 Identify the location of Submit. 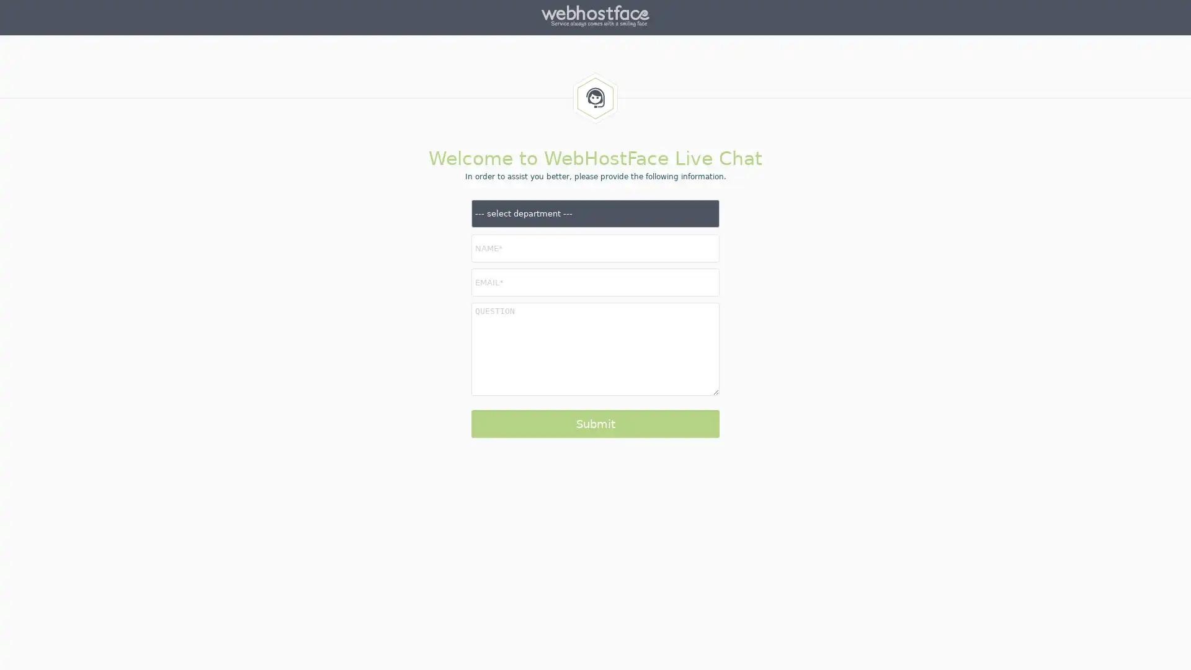
(595, 423).